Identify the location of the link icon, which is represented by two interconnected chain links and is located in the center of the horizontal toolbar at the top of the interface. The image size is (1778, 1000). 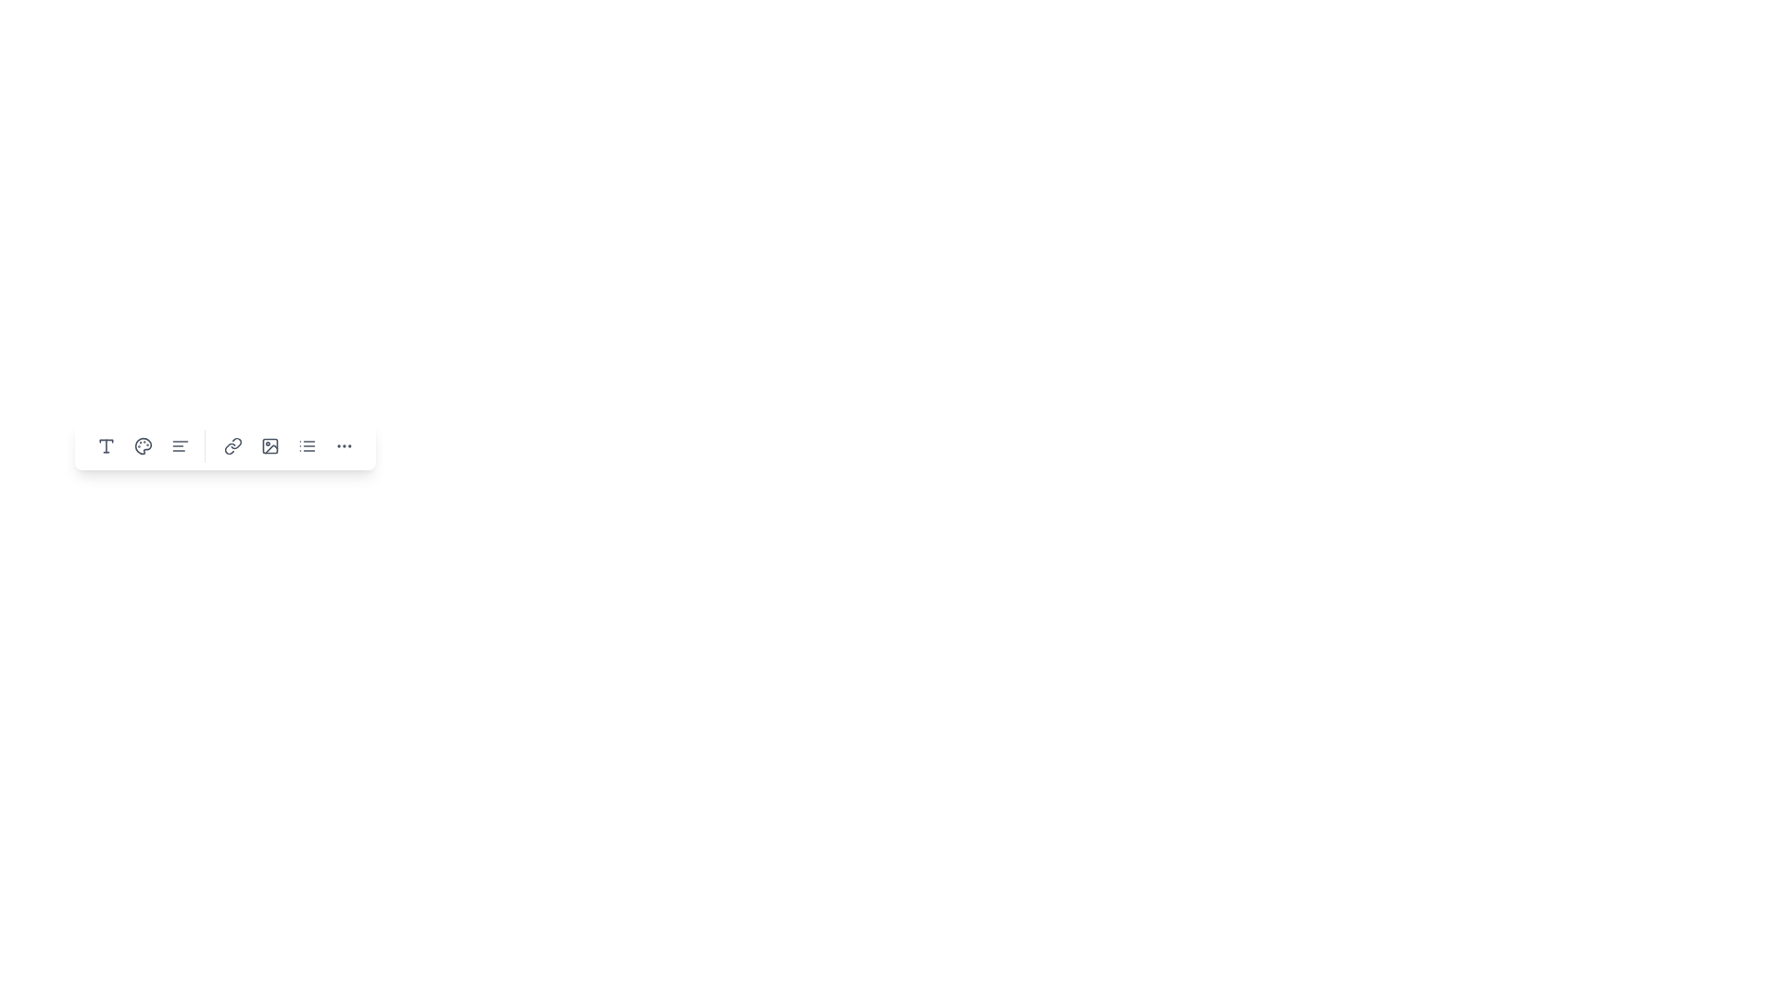
(232, 446).